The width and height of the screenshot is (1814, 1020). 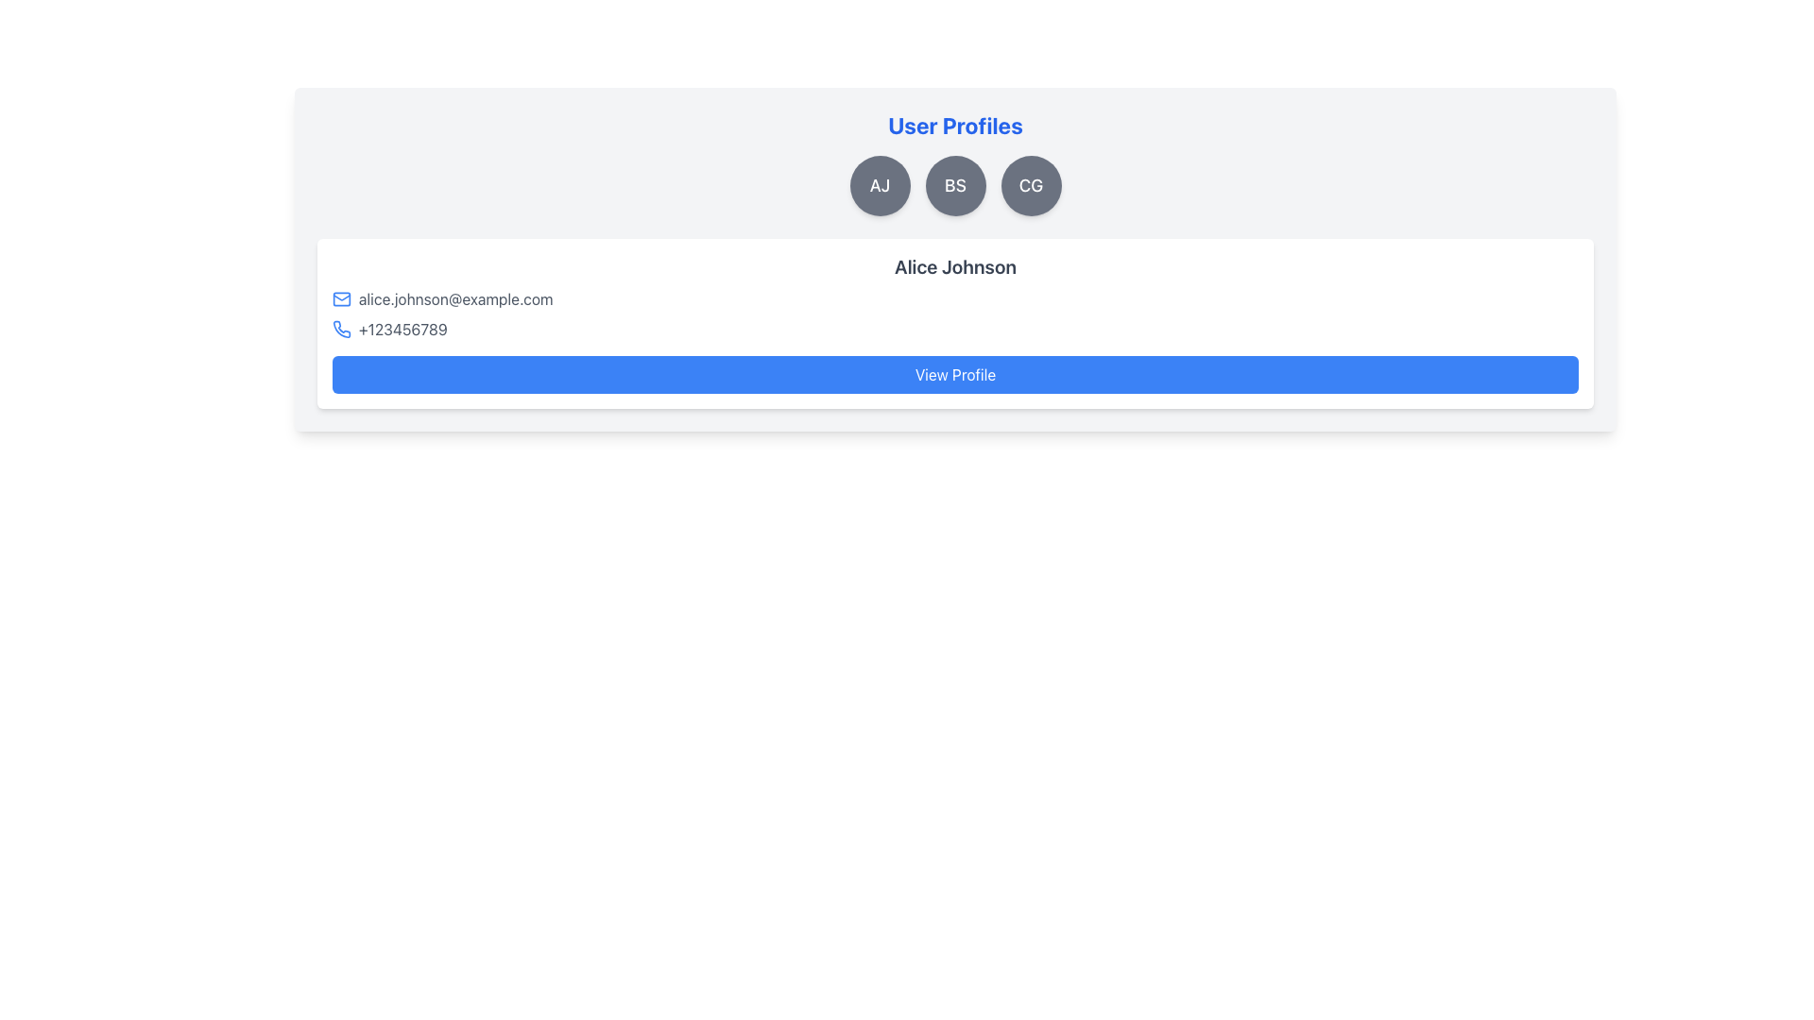 What do you see at coordinates (955, 266) in the screenshot?
I see `the text label displaying 'Alice Johnson', which is styled prominently in bold and dark gray within a rounded rectangle card` at bounding box center [955, 266].